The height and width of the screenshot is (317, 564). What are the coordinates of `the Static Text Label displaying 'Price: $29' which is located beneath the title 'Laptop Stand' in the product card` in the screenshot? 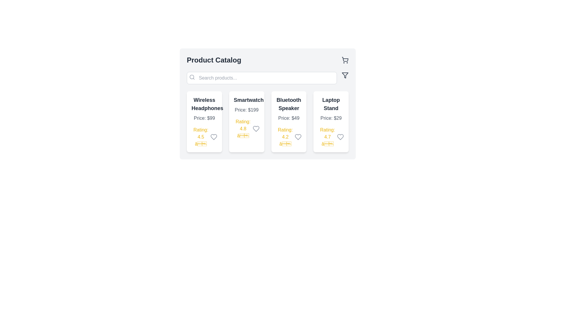 It's located at (331, 118).